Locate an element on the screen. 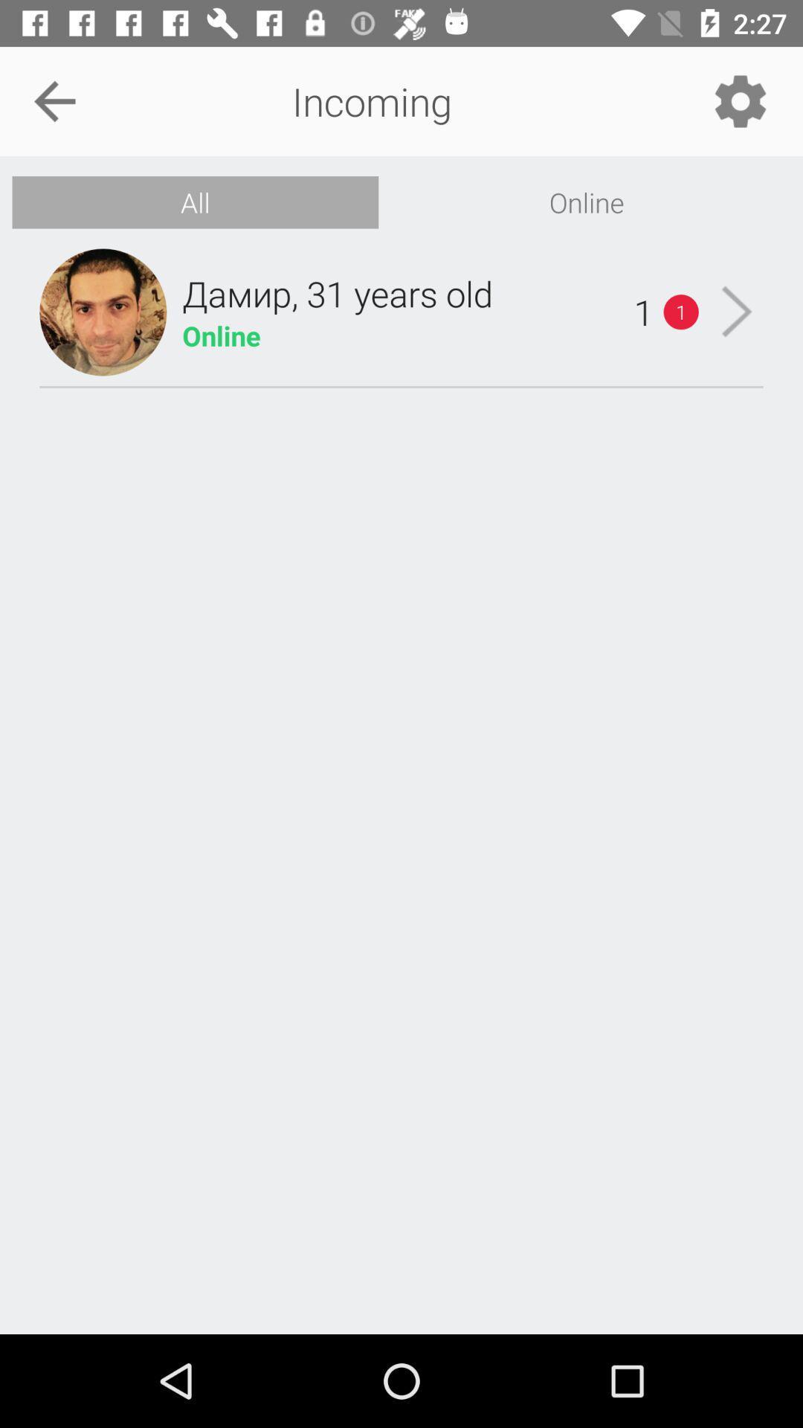  icon to the left of online is located at coordinates (194, 202).